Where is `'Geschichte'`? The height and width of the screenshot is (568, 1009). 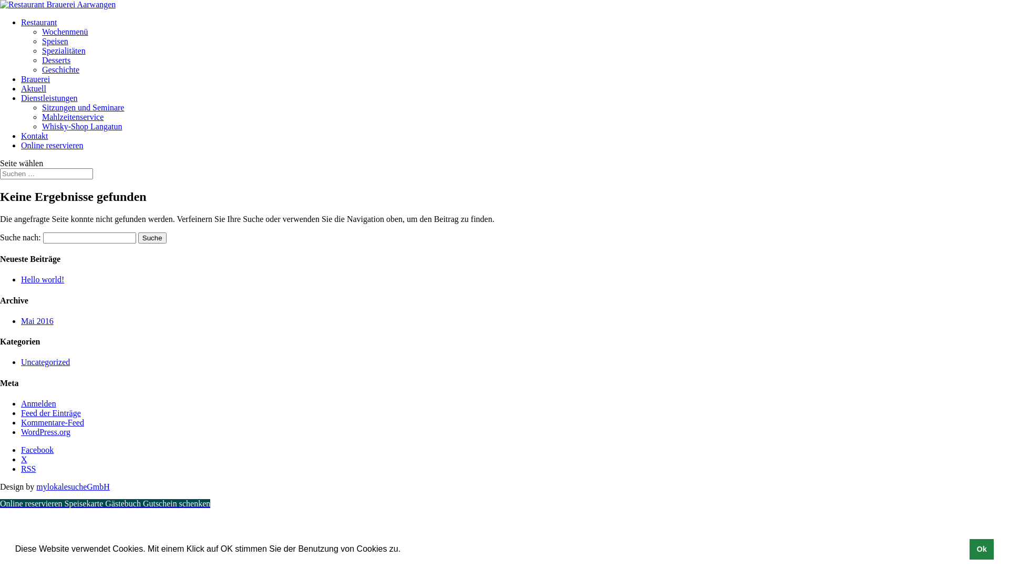
'Geschichte' is located at coordinates (60, 69).